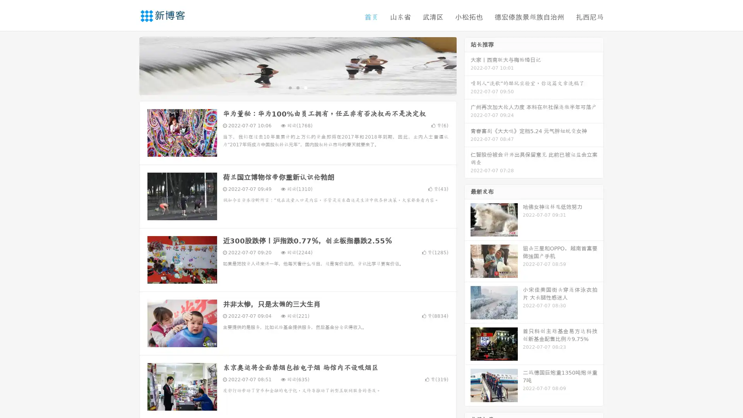 Image resolution: width=743 pixels, height=418 pixels. I want to click on Go to slide 3, so click(305, 87).